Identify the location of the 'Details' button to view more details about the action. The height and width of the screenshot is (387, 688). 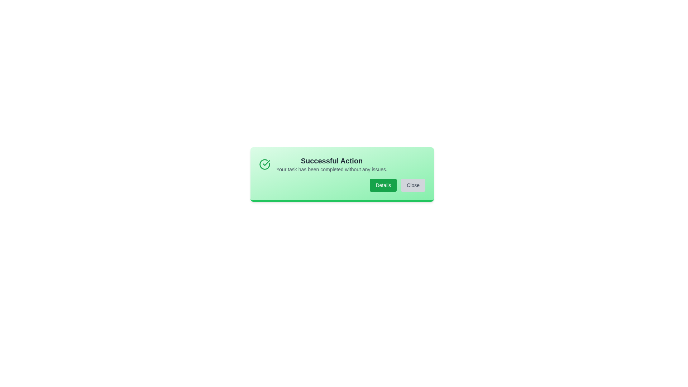
(383, 185).